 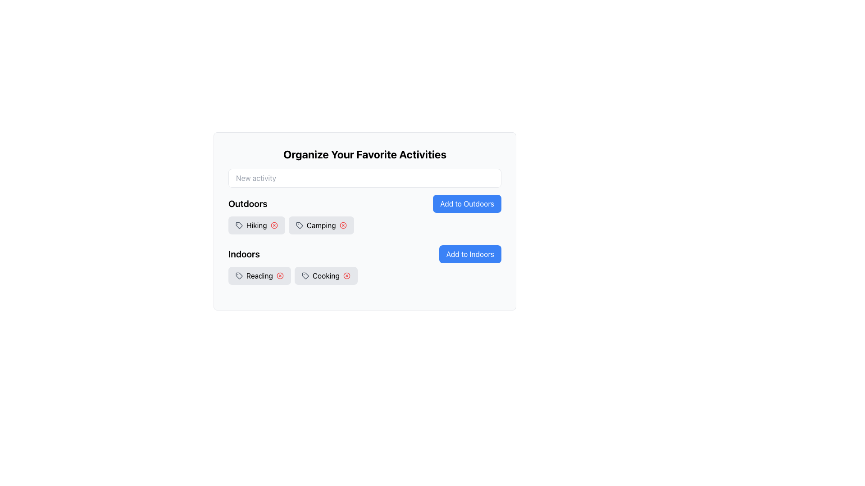 What do you see at coordinates (244, 254) in the screenshot?
I see `the 'Indoors' text label, which is styled prominently in a large, bold font and located above the 'Add to Indoors' button` at bounding box center [244, 254].